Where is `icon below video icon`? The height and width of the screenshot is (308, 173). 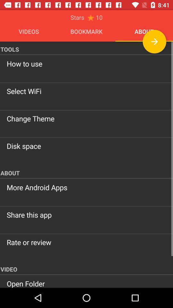
icon below video icon is located at coordinates (86, 283).